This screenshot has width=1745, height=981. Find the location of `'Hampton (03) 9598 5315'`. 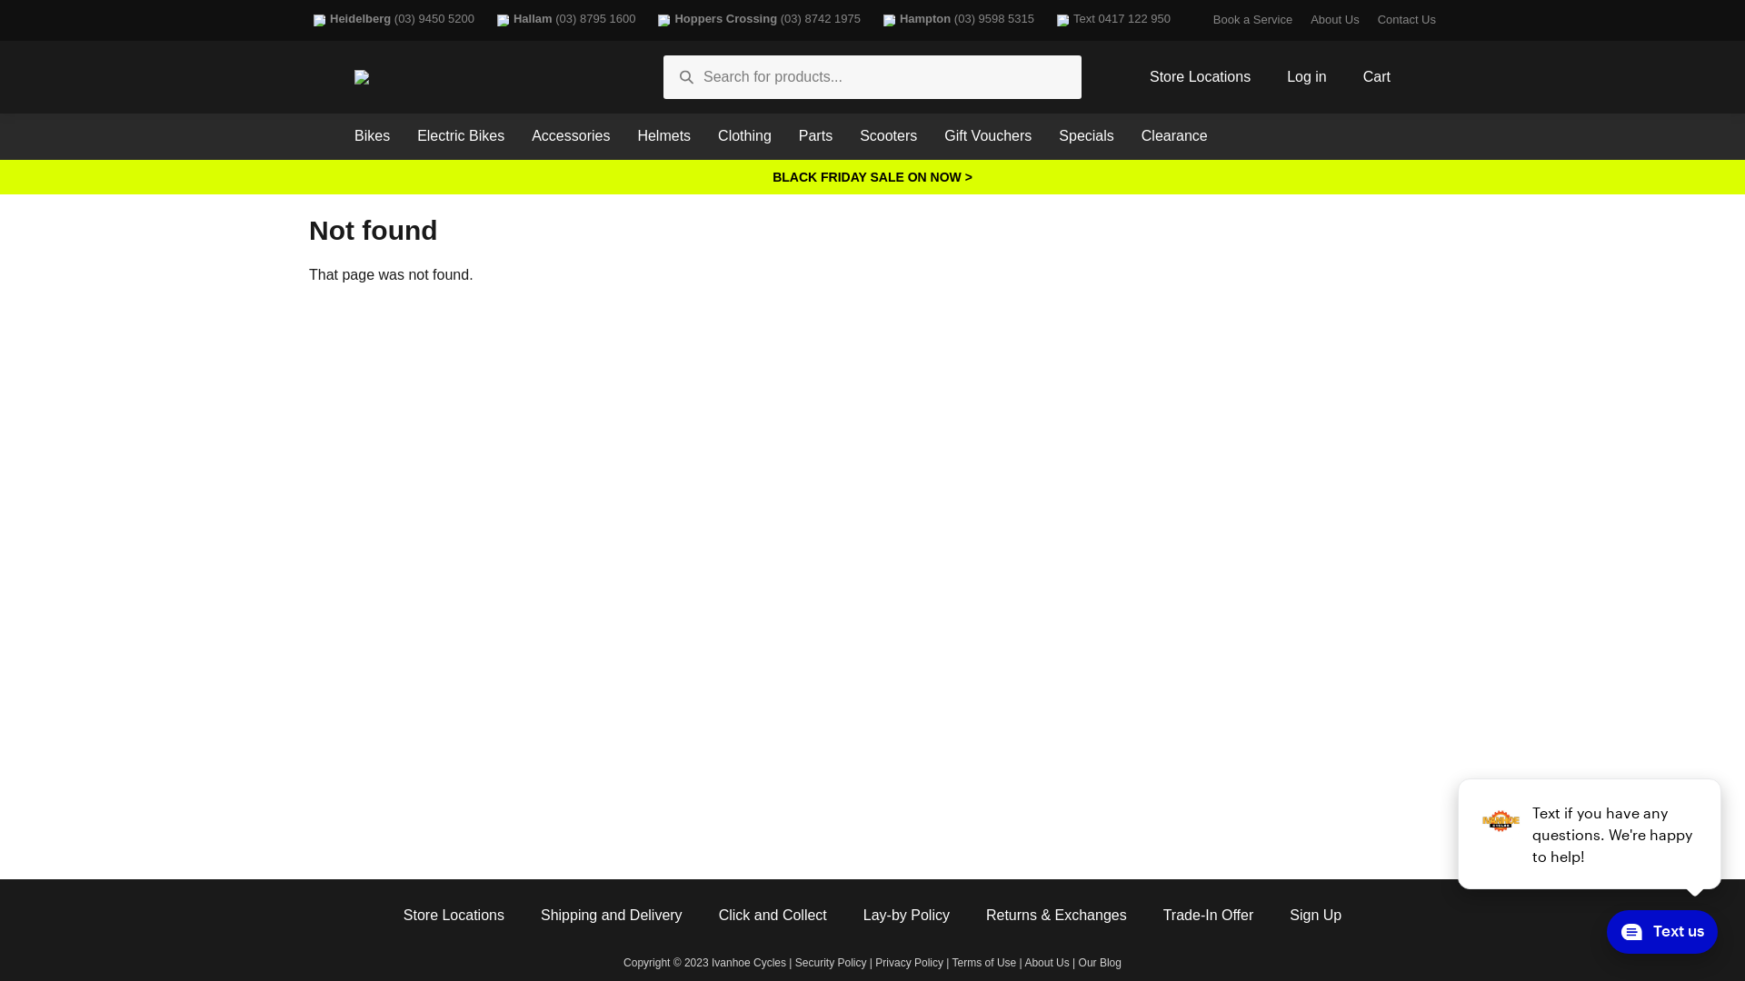

'Hampton (03) 9598 5315' is located at coordinates (955, 20).